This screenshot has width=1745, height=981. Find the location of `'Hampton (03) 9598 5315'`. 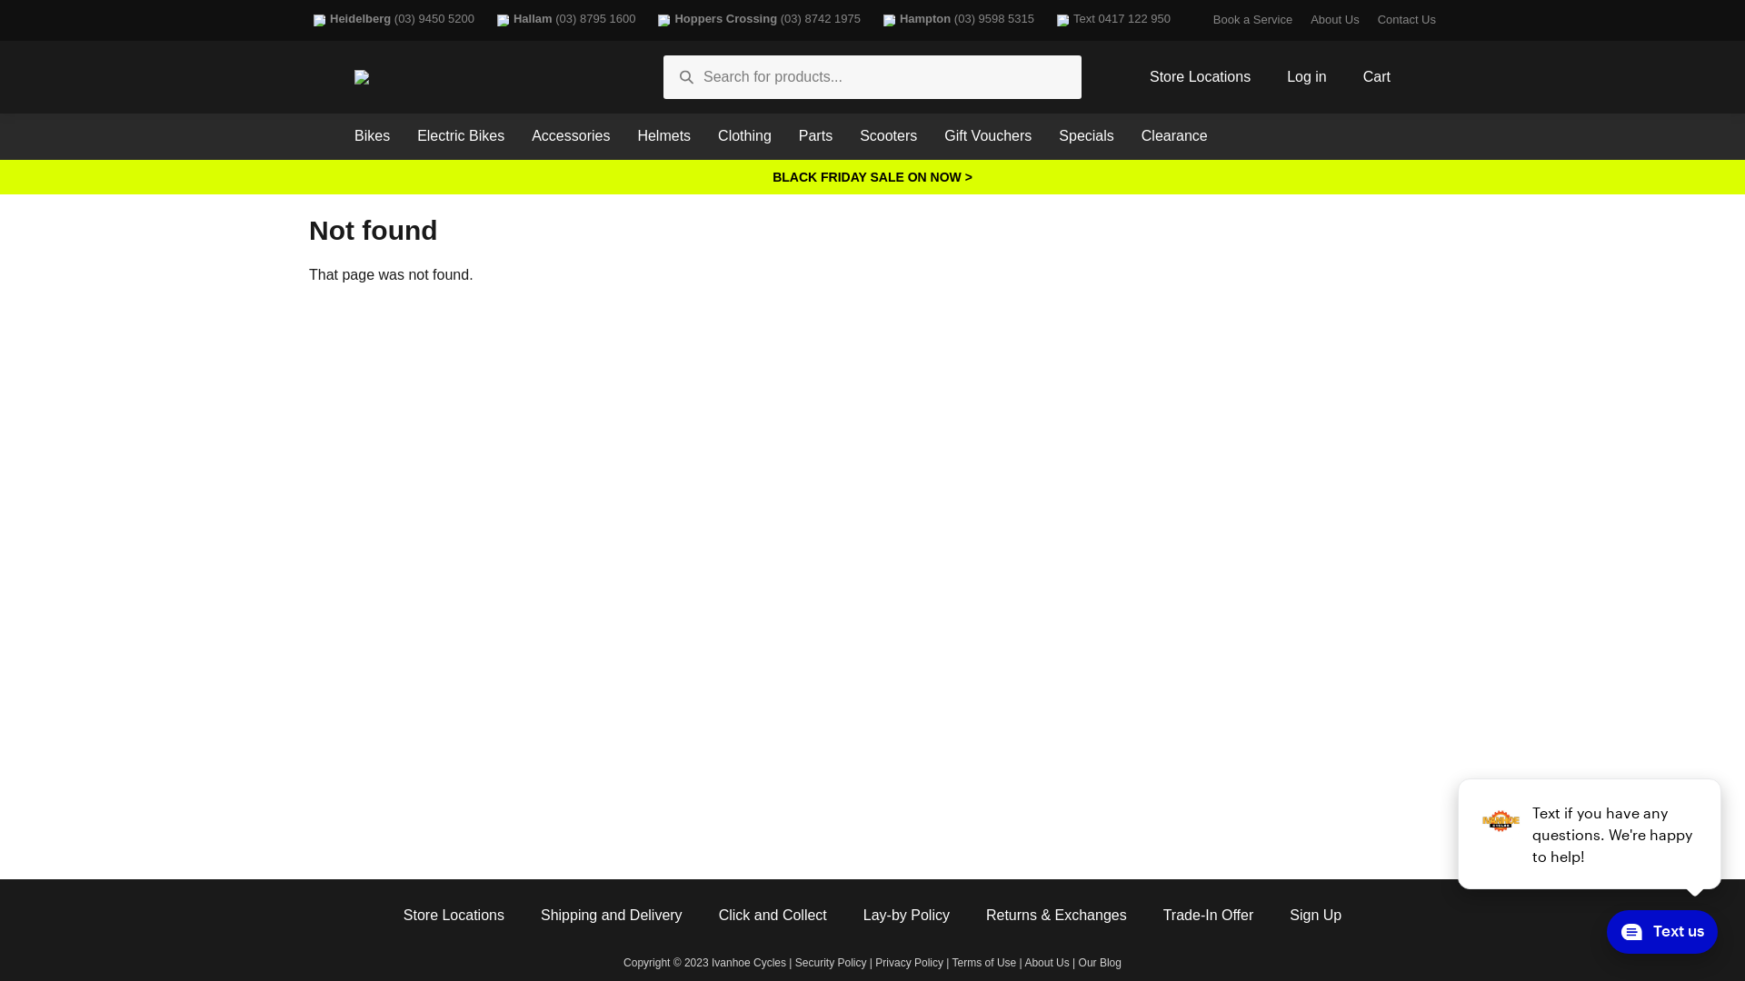

'Hampton (03) 9598 5315' is located at coordinates (955, 20).